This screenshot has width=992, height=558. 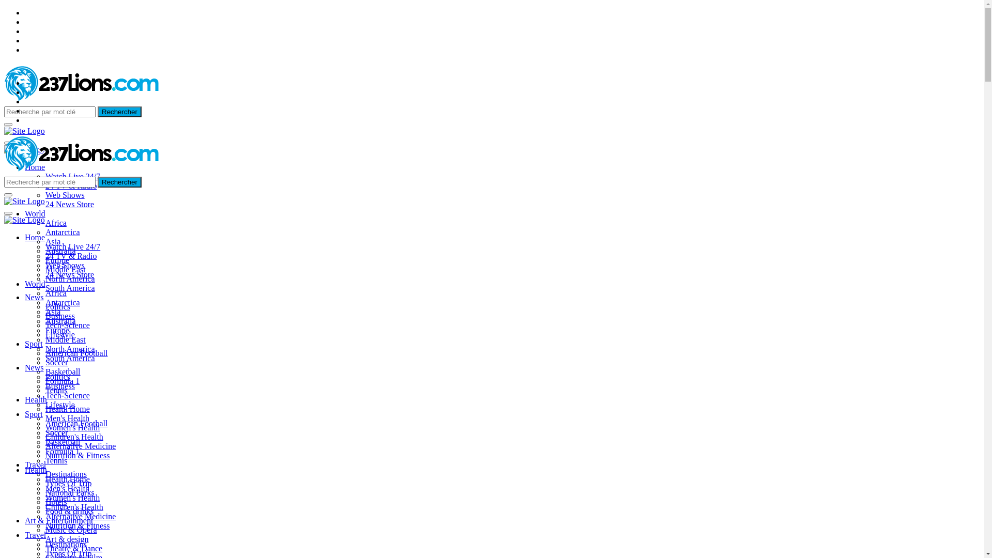 I want to click on 'Soccer', so click(x=56, y=432).